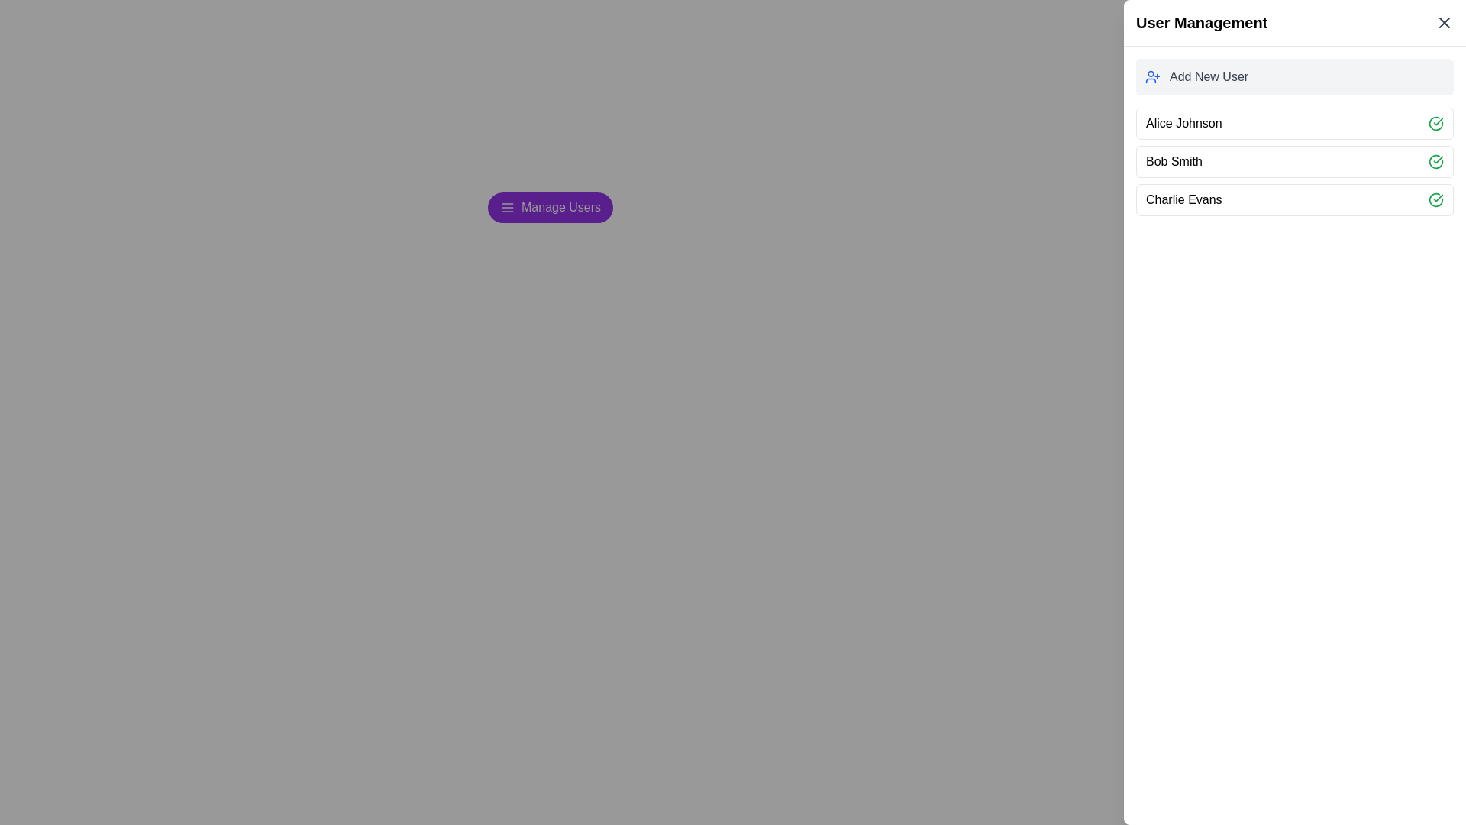  What do you see at coordinates (1183, 123) in the screenshot?
I see `the text label displaying the username 'Alice Johnson', which is the first item in the vertical list of user names` at bounding box center [1183, 123].